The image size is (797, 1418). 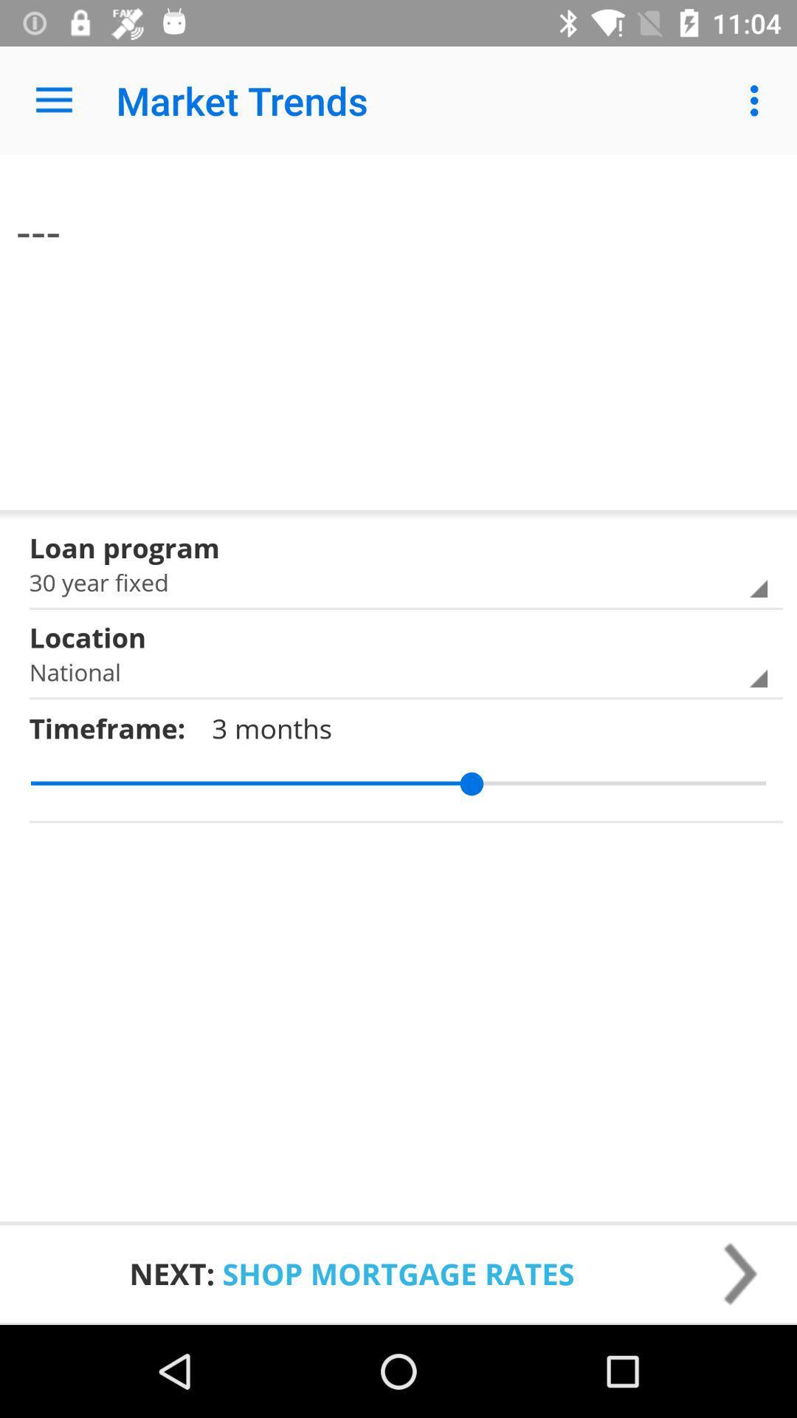 I want to click on item next to the market trends, so click(x=53, y=100).